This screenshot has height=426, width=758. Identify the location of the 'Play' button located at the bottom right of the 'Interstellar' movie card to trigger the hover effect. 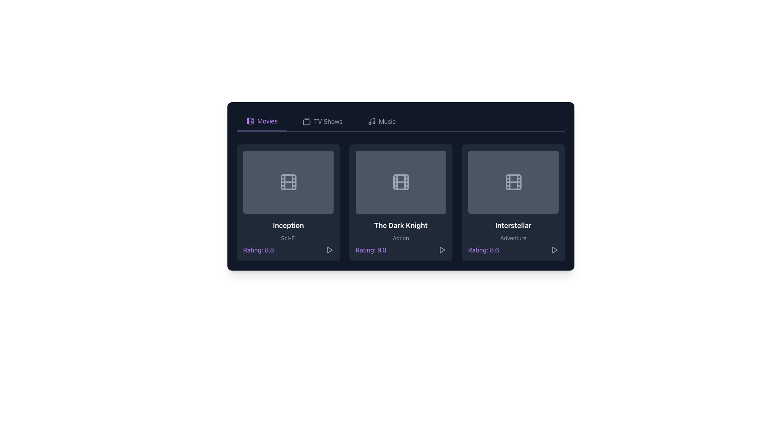
(554, 250).